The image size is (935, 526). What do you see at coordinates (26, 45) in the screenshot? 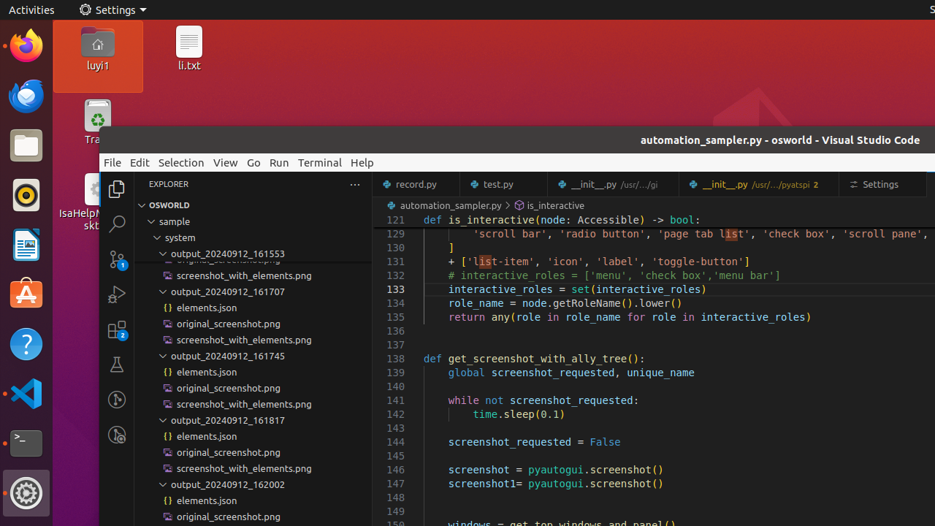
I see `'Firefox Web Browser'` at bounding box center [26, 45].